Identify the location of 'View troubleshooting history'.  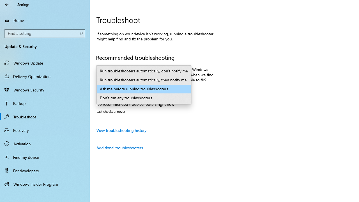
(121, 130).